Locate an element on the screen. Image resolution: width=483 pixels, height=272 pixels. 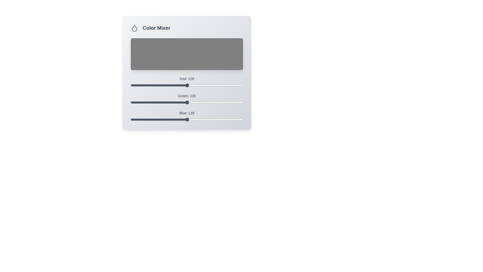
the blue slider to set the blue color component to 78 is located at coordinates (165, 119).